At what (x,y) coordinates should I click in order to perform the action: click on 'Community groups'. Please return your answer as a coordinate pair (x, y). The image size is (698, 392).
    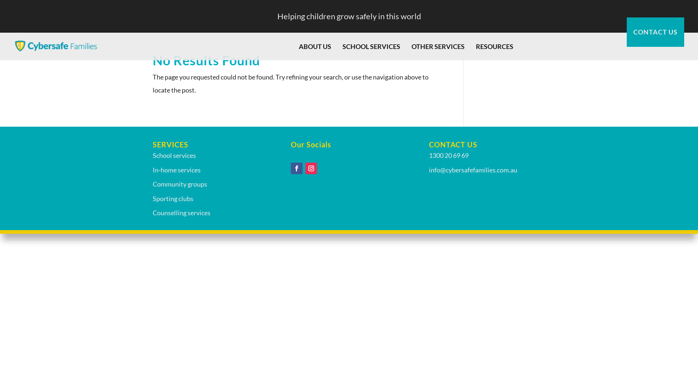
    Looking at the image, I should click on (180, 183).